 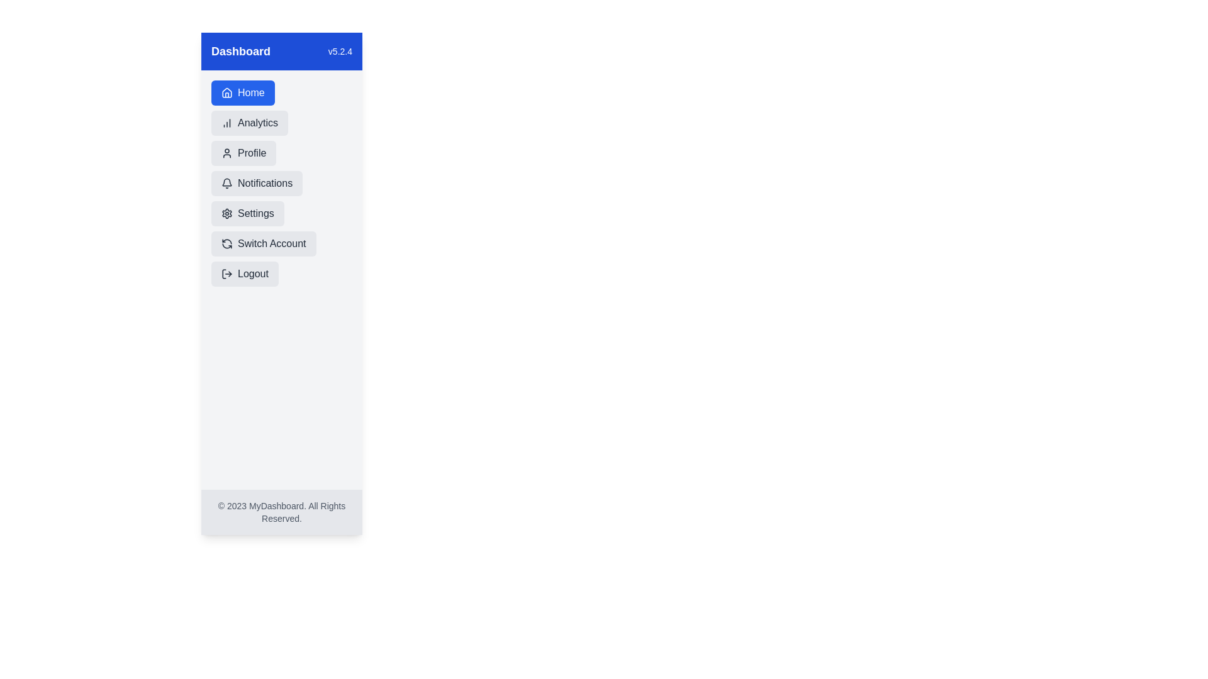 I want to click on the house-shaped icon within the 'Home' button in the vertical navigation menu, so click(x=226, y=92).